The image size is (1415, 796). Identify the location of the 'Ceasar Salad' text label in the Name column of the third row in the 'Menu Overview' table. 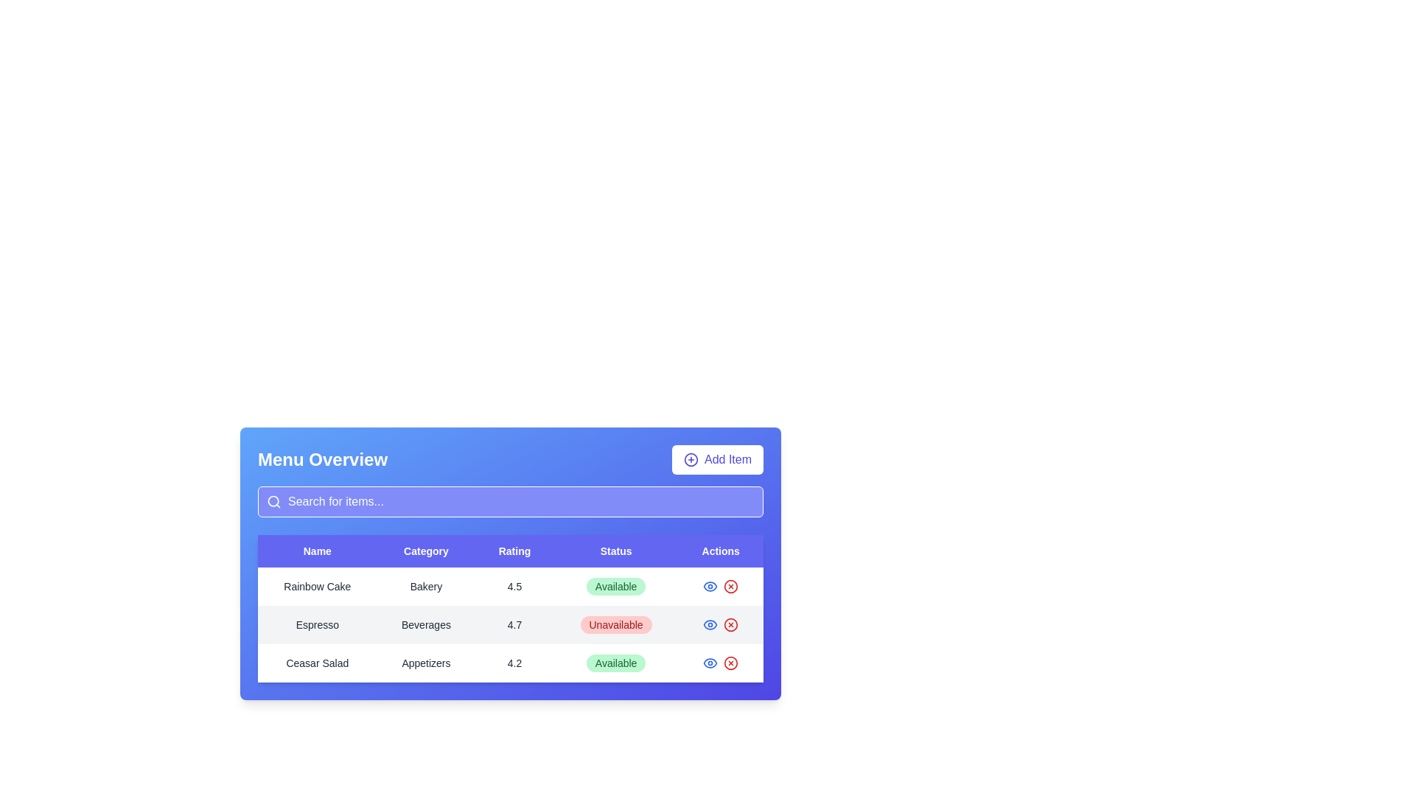
(316, 662).